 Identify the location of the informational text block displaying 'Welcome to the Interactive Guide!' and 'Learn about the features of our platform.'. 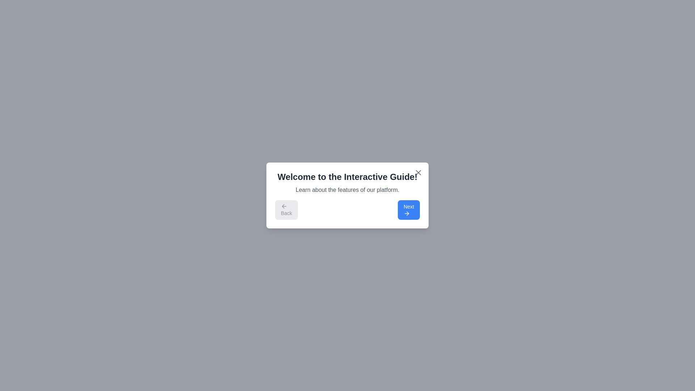
(347, 182).